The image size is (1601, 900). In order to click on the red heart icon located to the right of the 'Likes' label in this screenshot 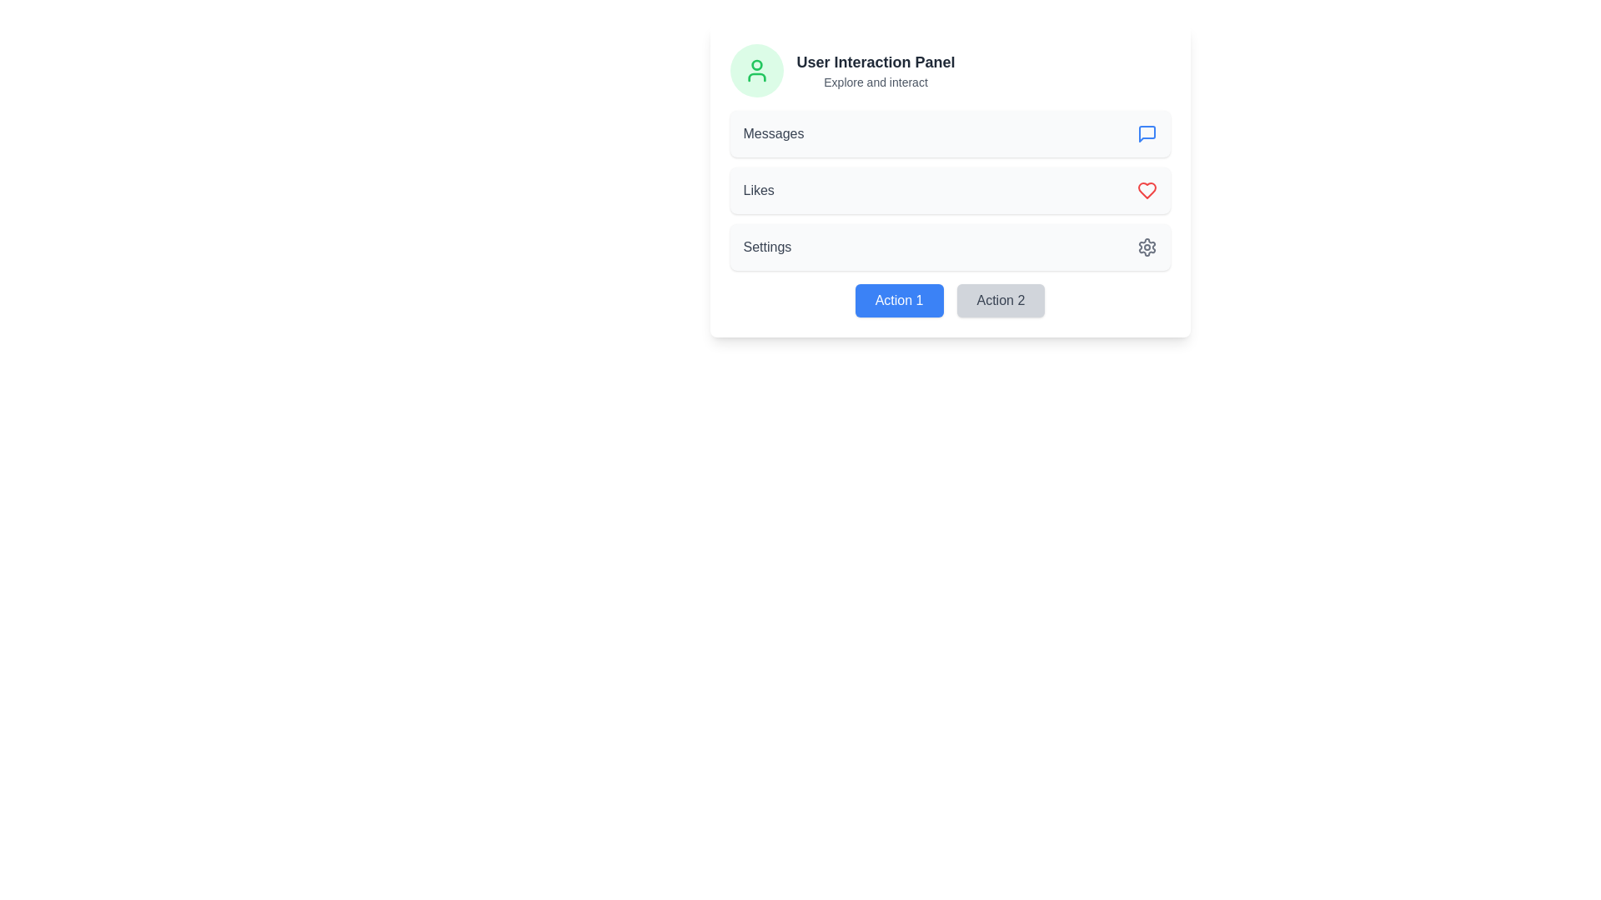, I will do `click(1146, 189)`.